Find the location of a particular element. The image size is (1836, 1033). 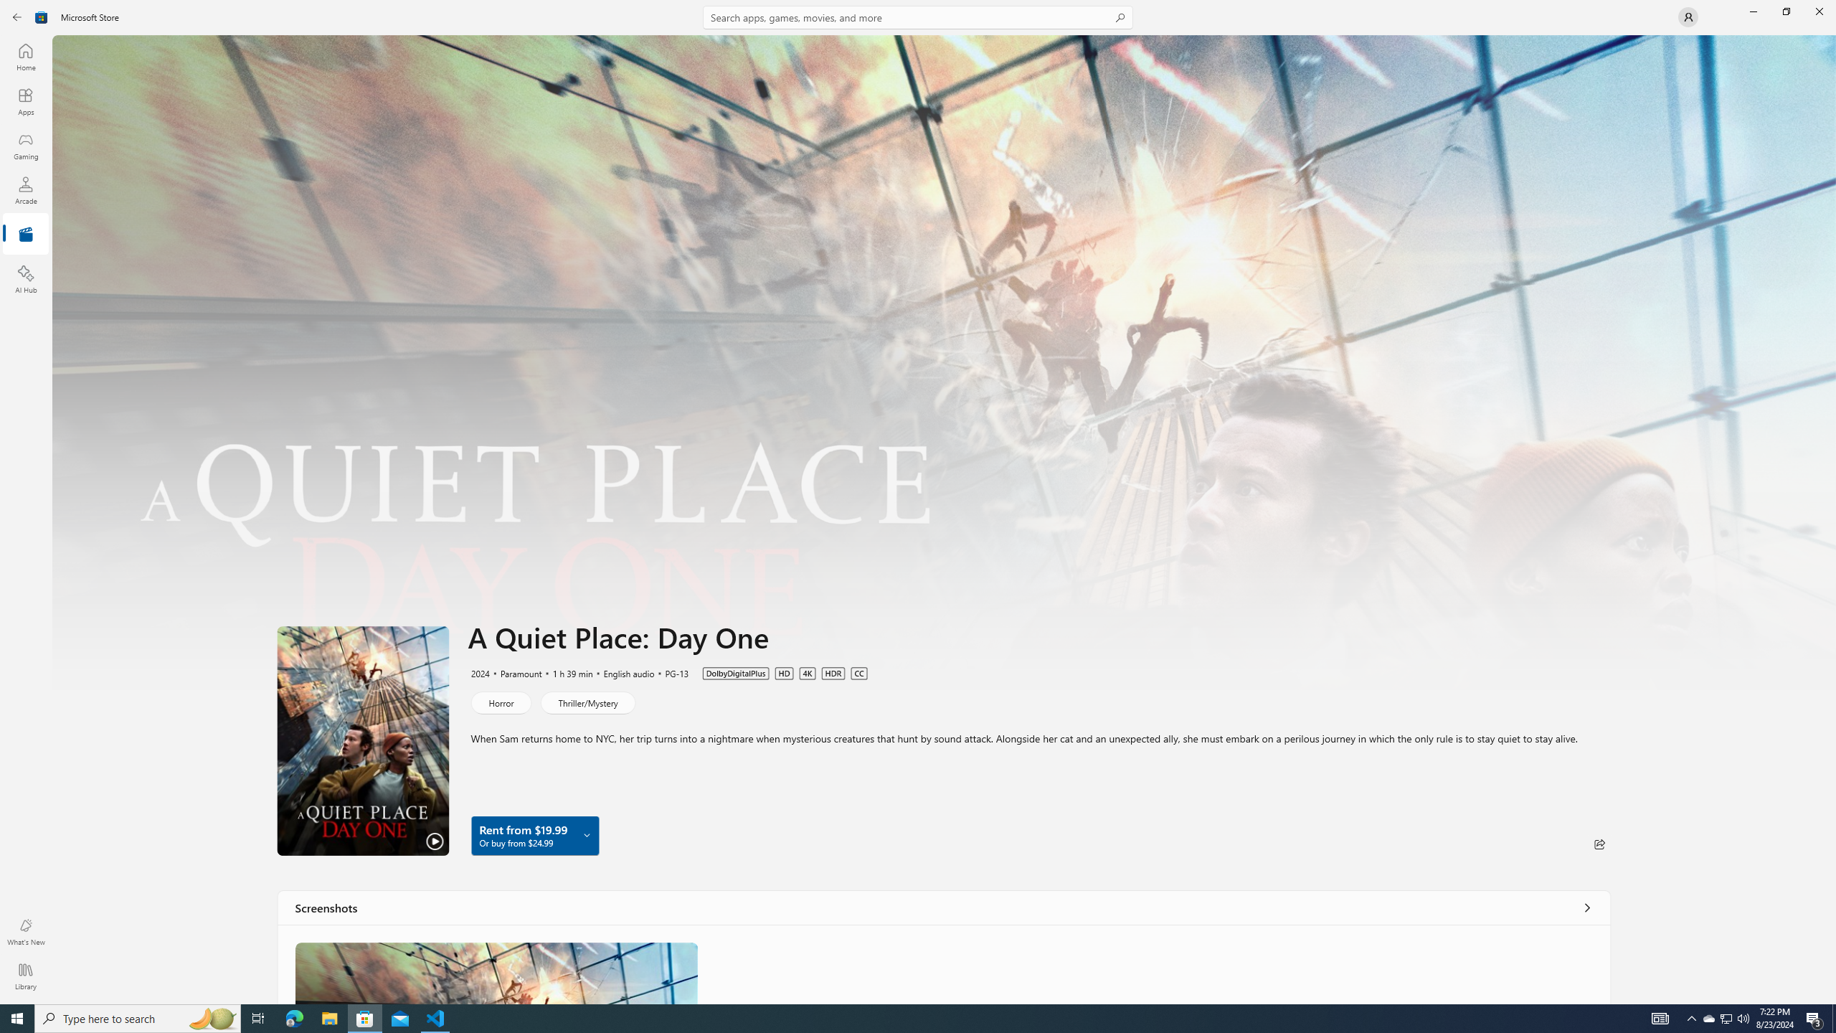

'Share' is located at coordinates (1599, 843).